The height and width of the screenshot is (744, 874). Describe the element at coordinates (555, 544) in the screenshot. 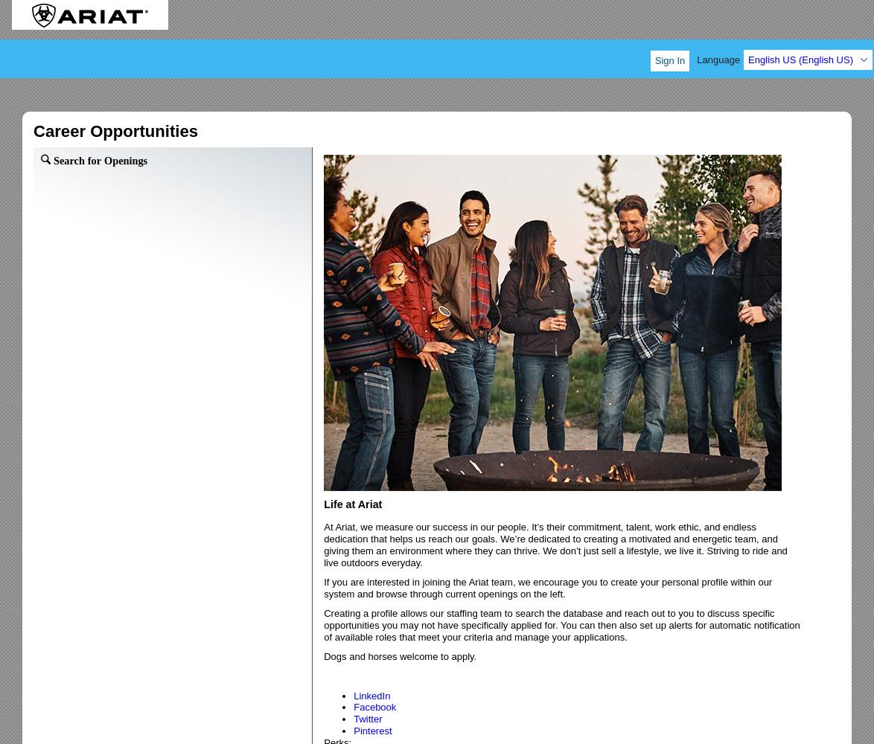

I see `'At Ariat, we measure our success in our people. It’s their commitment, talent, work ethic, and endless dedication that helps us reach our goals. We’re dedicated to creating a motivated and energetic team, and giving them an environment where they can thrive. We don’t just sell a lifestyle, we live it. Striving to ride and live outdoors everyday.'` at that location.